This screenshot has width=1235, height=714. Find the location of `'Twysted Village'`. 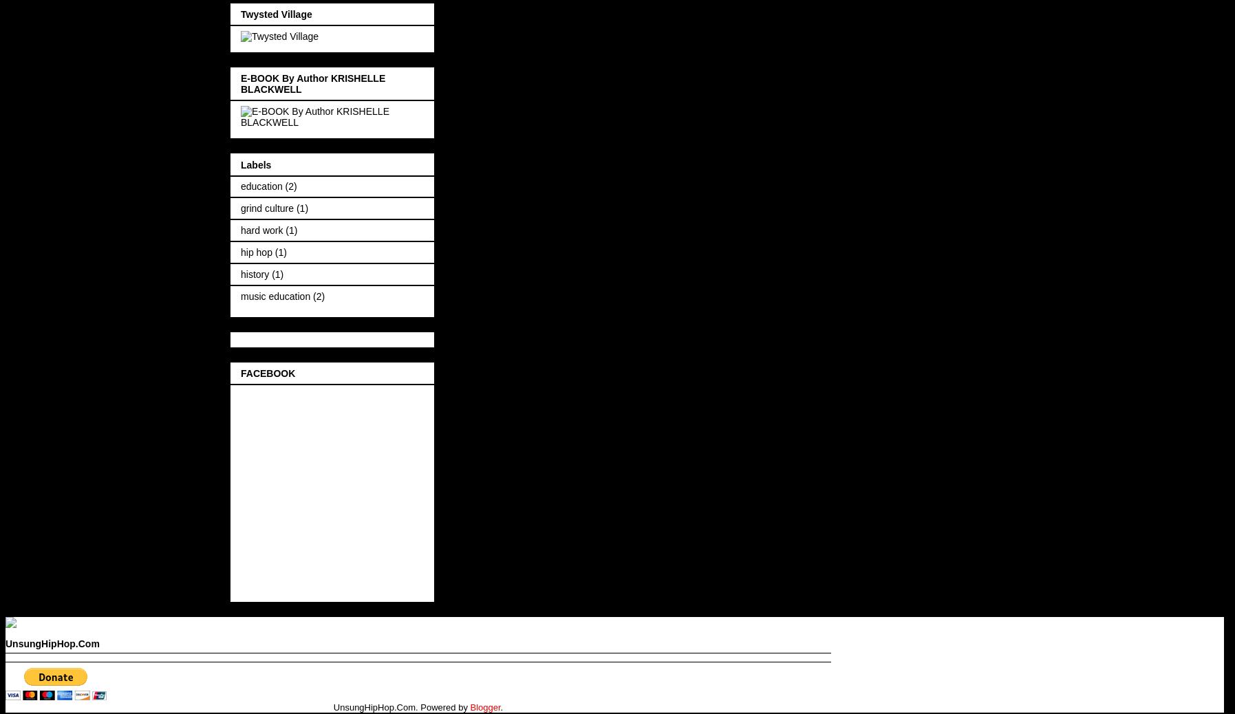

'Twysted Village' is located at coordinates (276, 13).